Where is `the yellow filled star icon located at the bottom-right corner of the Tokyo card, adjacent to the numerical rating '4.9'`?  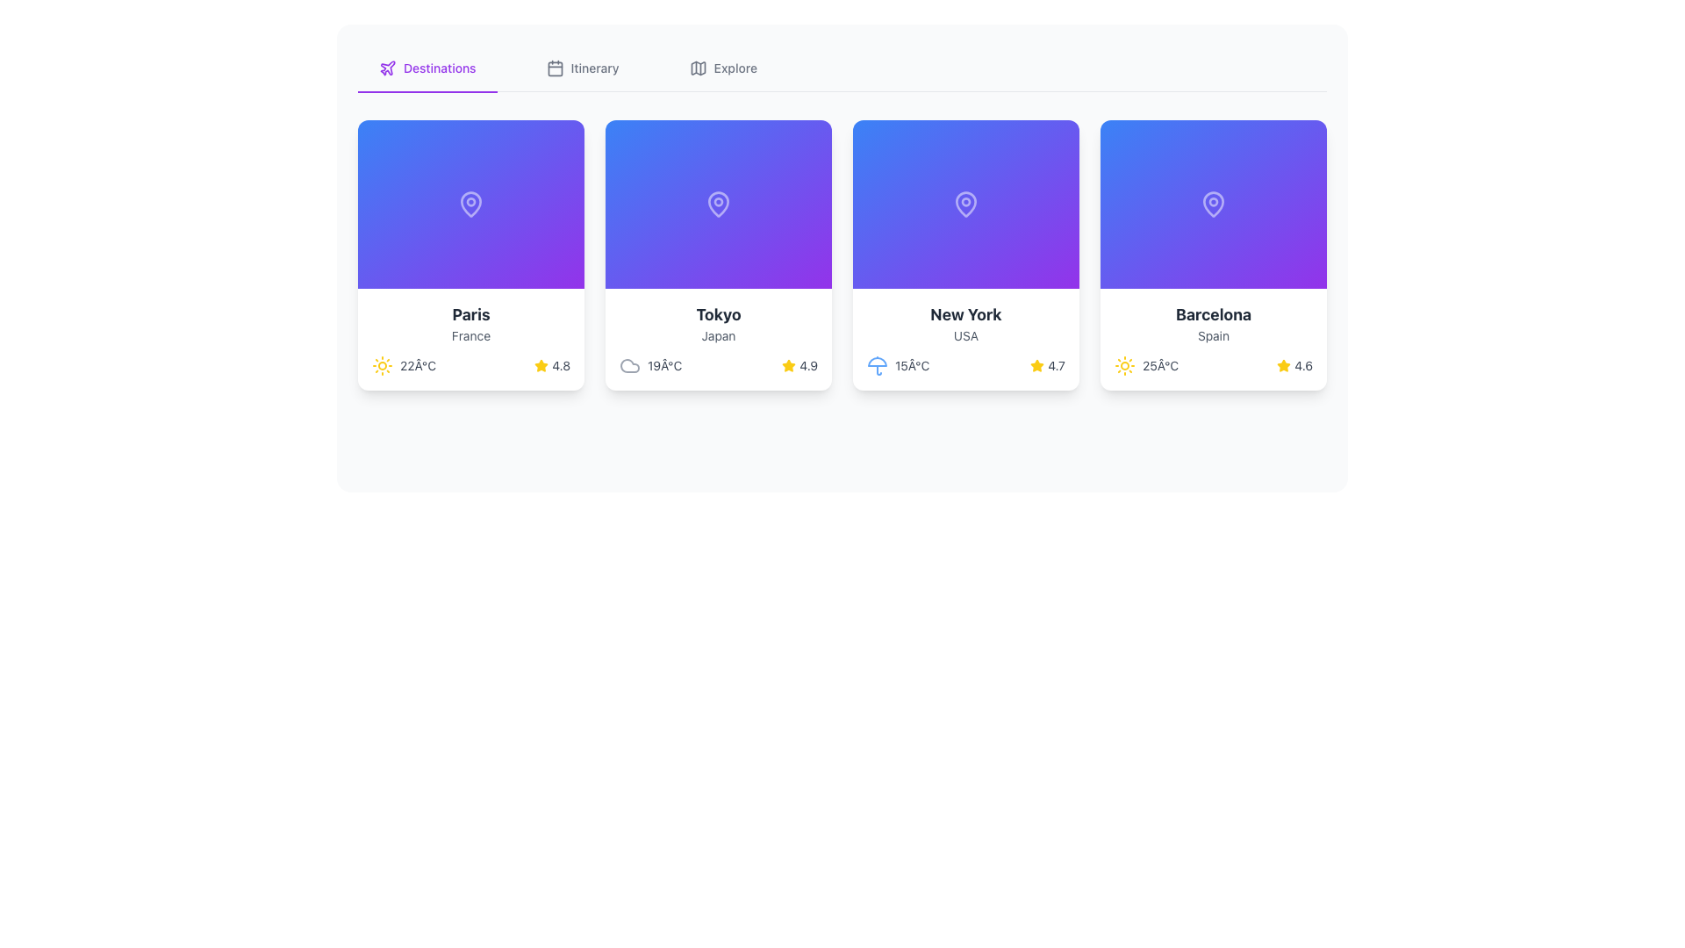
the yellow filled star icon located at the bottom-right corner of the Tokyo card, adjacent to the numerical rating '4.9' is located at coordinates (788, 364).